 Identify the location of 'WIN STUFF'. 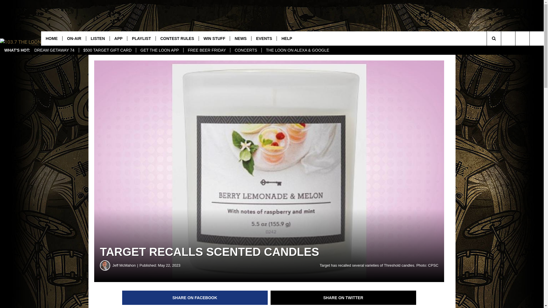
(214, 38).